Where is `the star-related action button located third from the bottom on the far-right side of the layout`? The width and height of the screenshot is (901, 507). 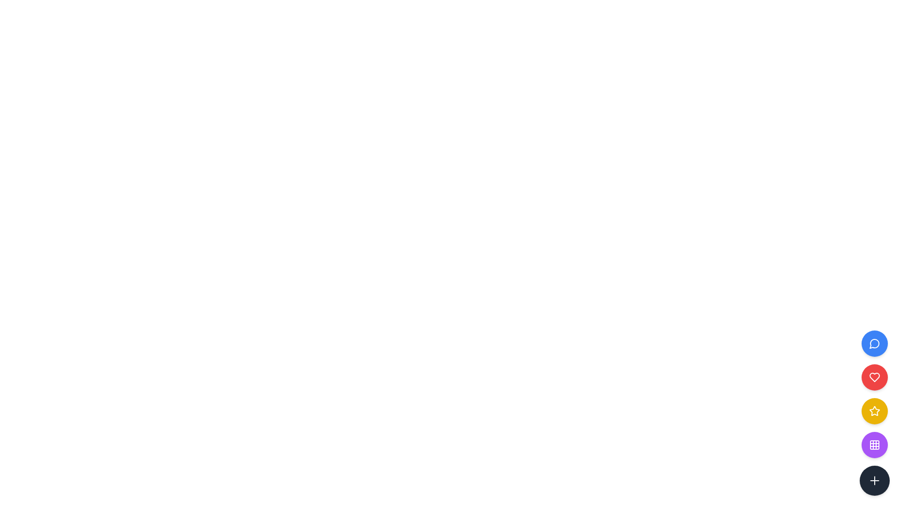 the star-related action button located third from the bottom on the far-right side of the layout is located at coordinates (874, 410).